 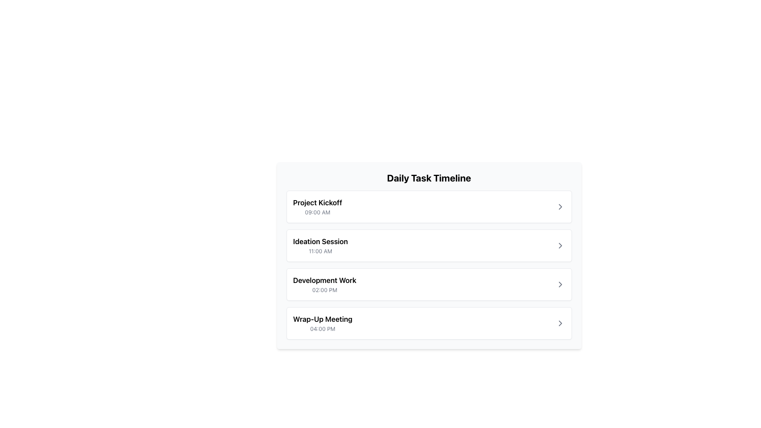 I want to click on text label displaying 'Ideation Session', which is prominently styled in bold and larger font, located above the smaller text label '11:00 AM' in the task timeline, so click(x=320, y=241).